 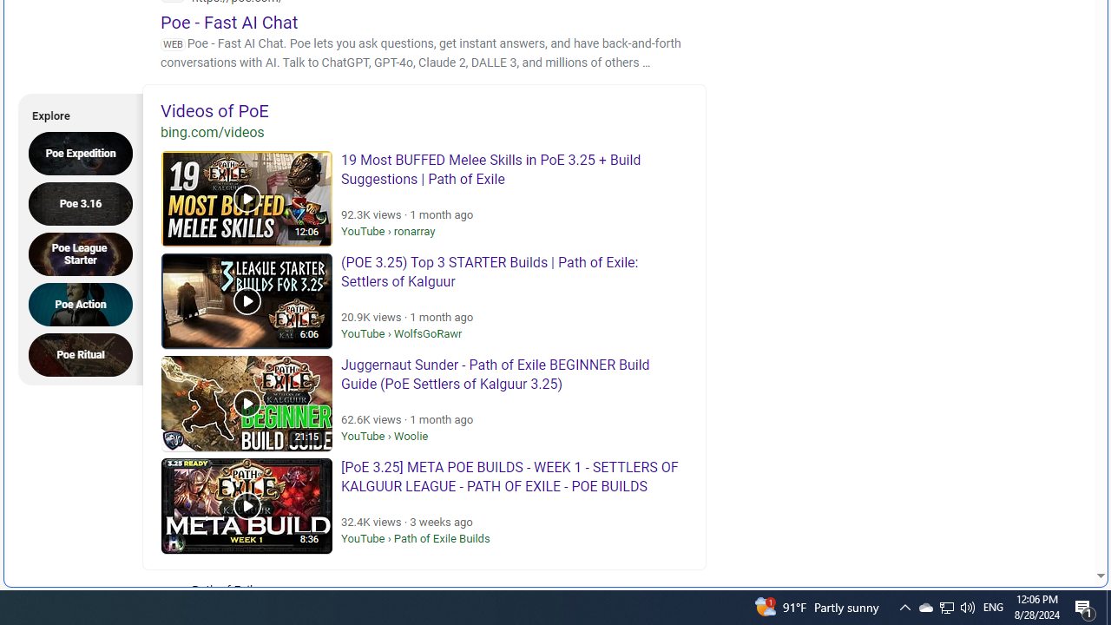 I want to click on 'Poe Action', so click(x=85, y=303).